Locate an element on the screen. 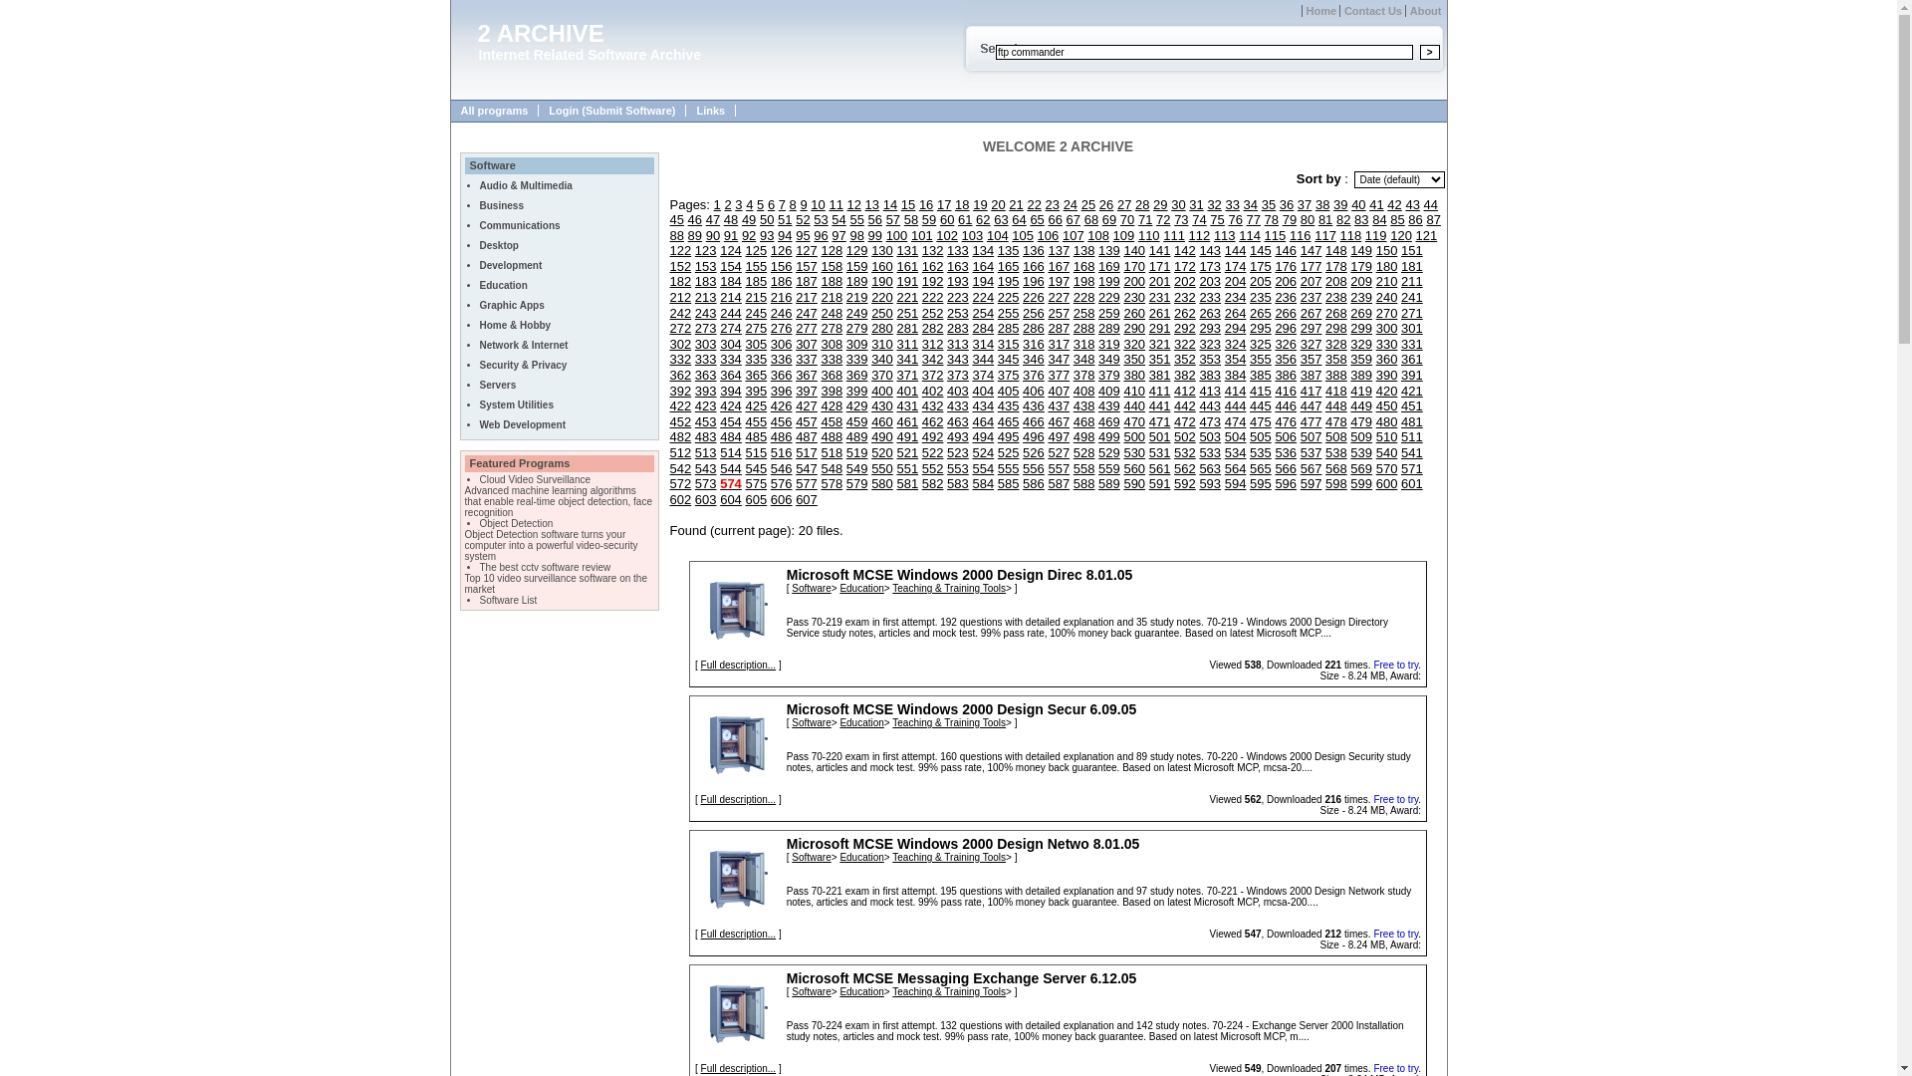  '78' is located at coordinates (1270, 219).